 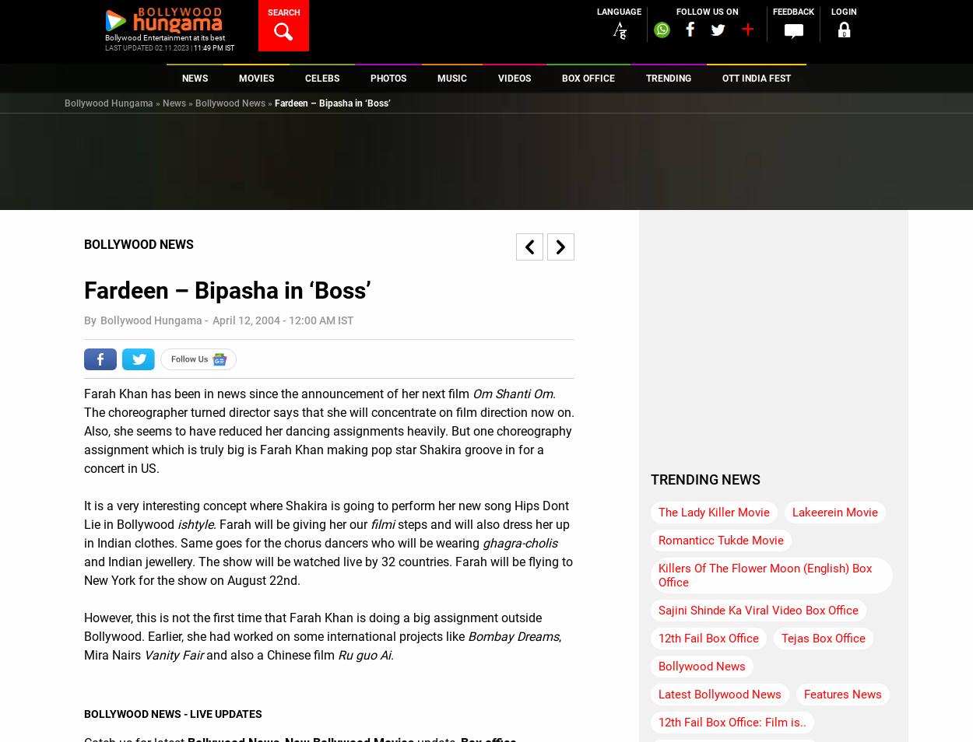 What do you see at coordinates (277, 393) in the screenshot?
I see `'Farah Khan has been in news since the announcement of her next film'` at bounding box center [277, 393].